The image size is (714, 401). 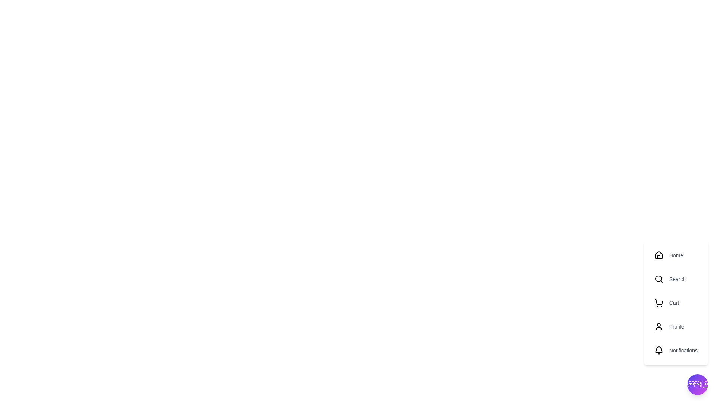 What do you see at coordinates (676, 351) in the screenshot?
I see `the 'Notifications' option in the menu` at bounding box center [676, 351].